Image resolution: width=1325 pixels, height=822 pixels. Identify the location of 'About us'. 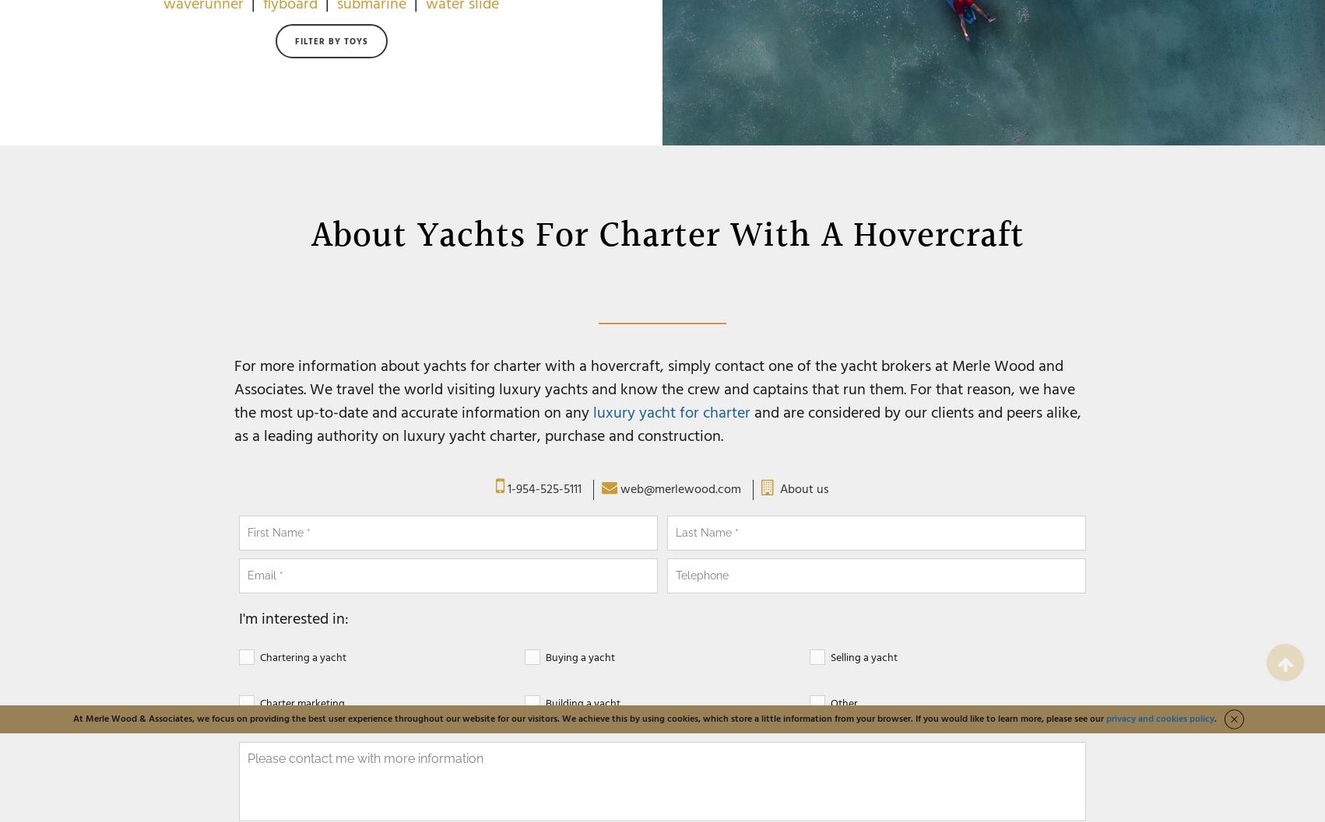
(803, 489).